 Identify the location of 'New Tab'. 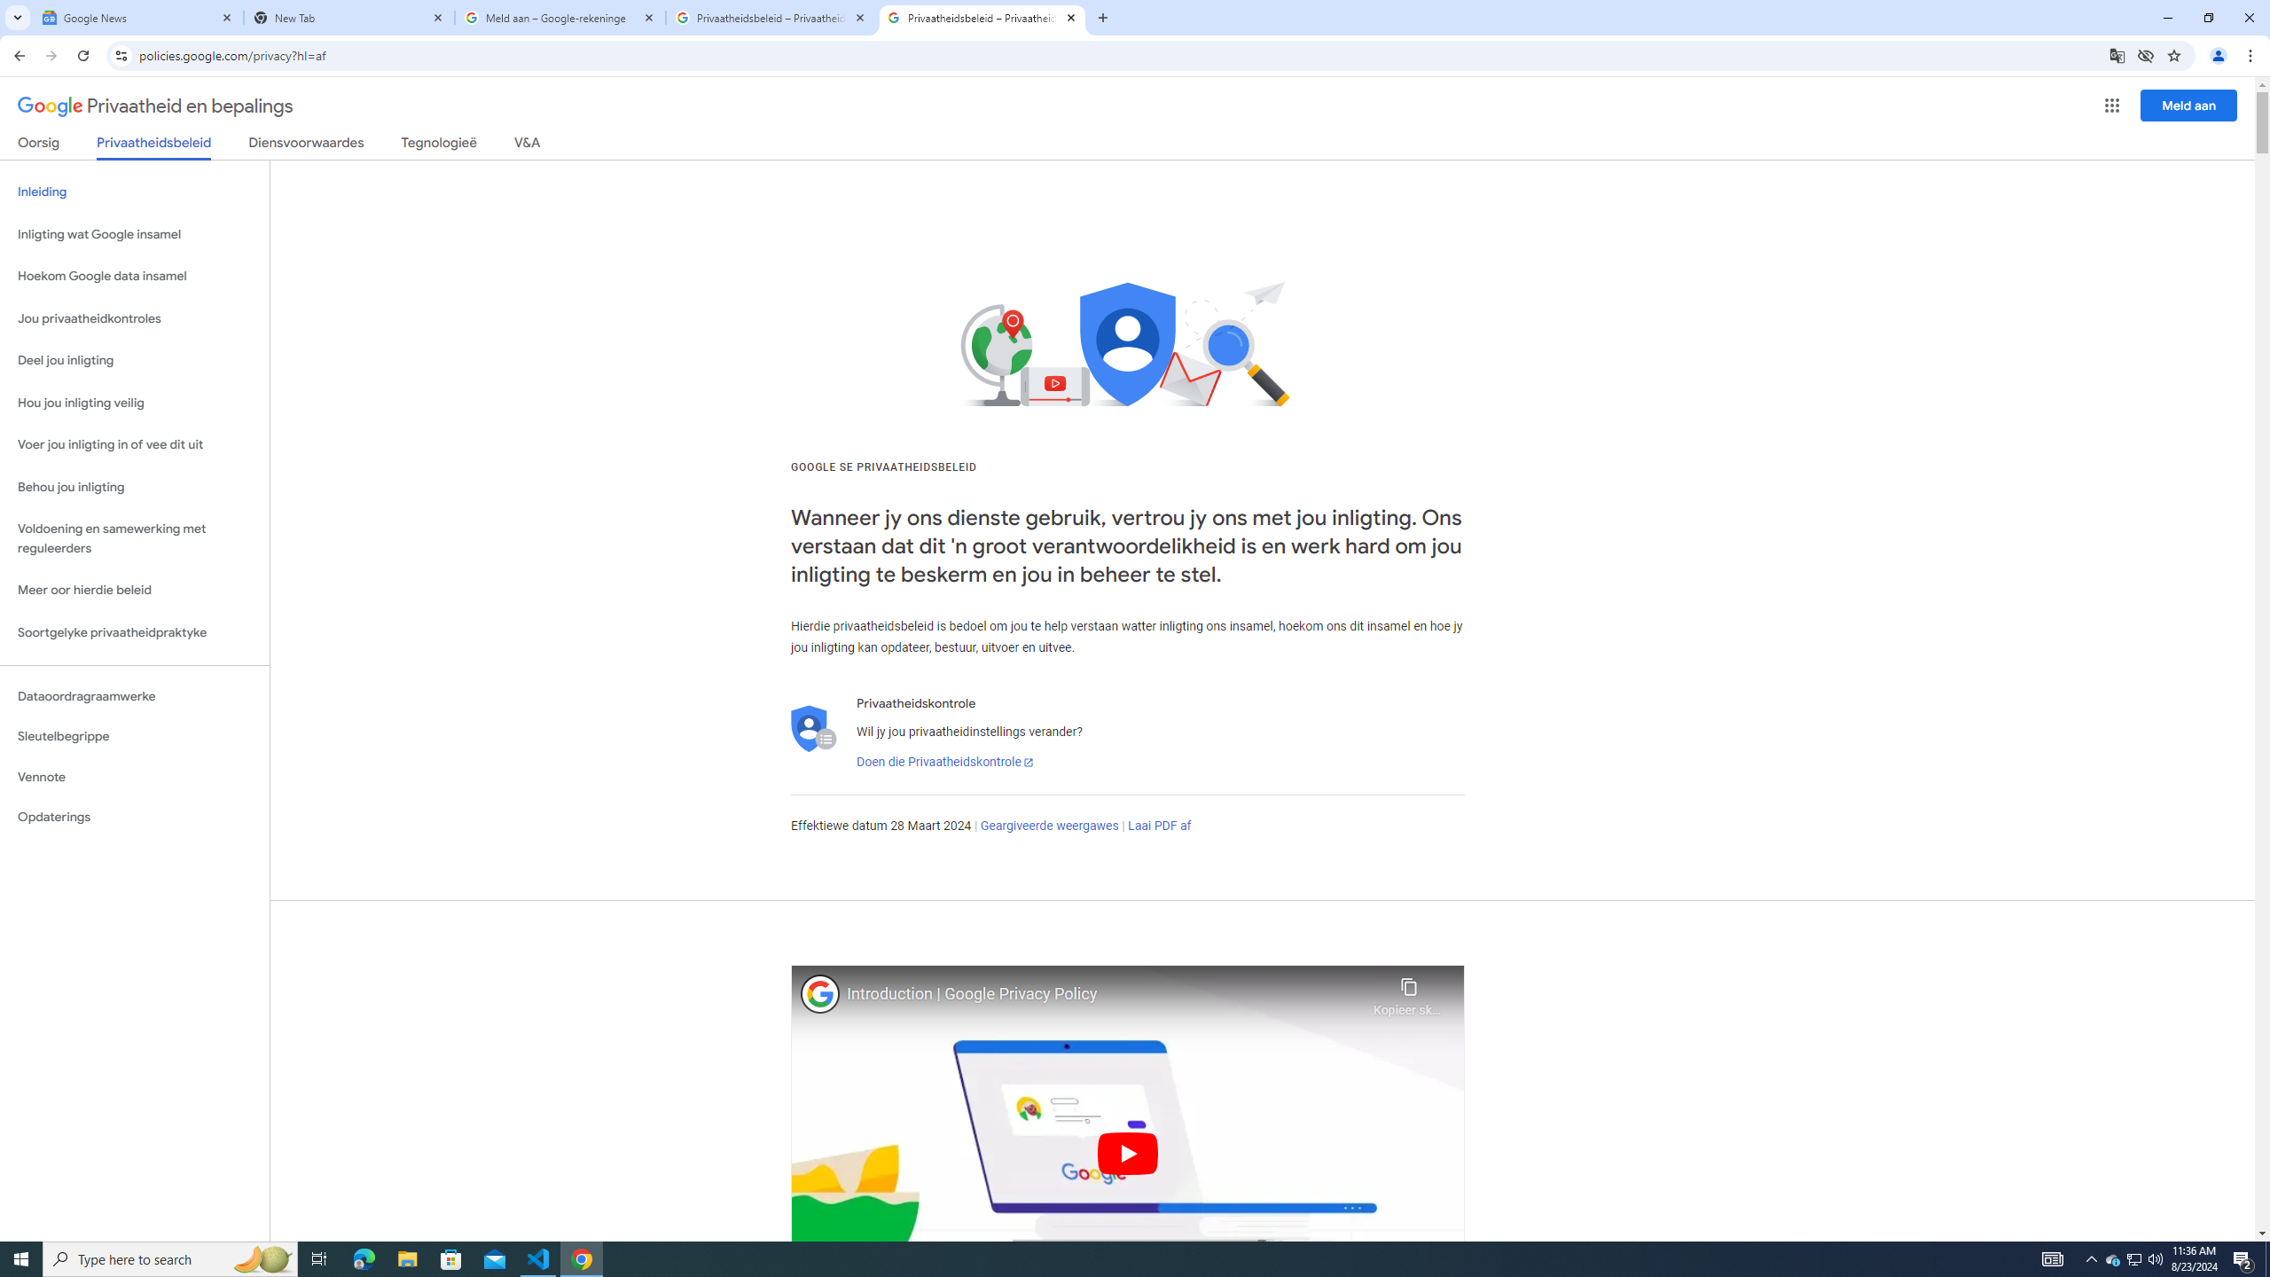
(349, 17).